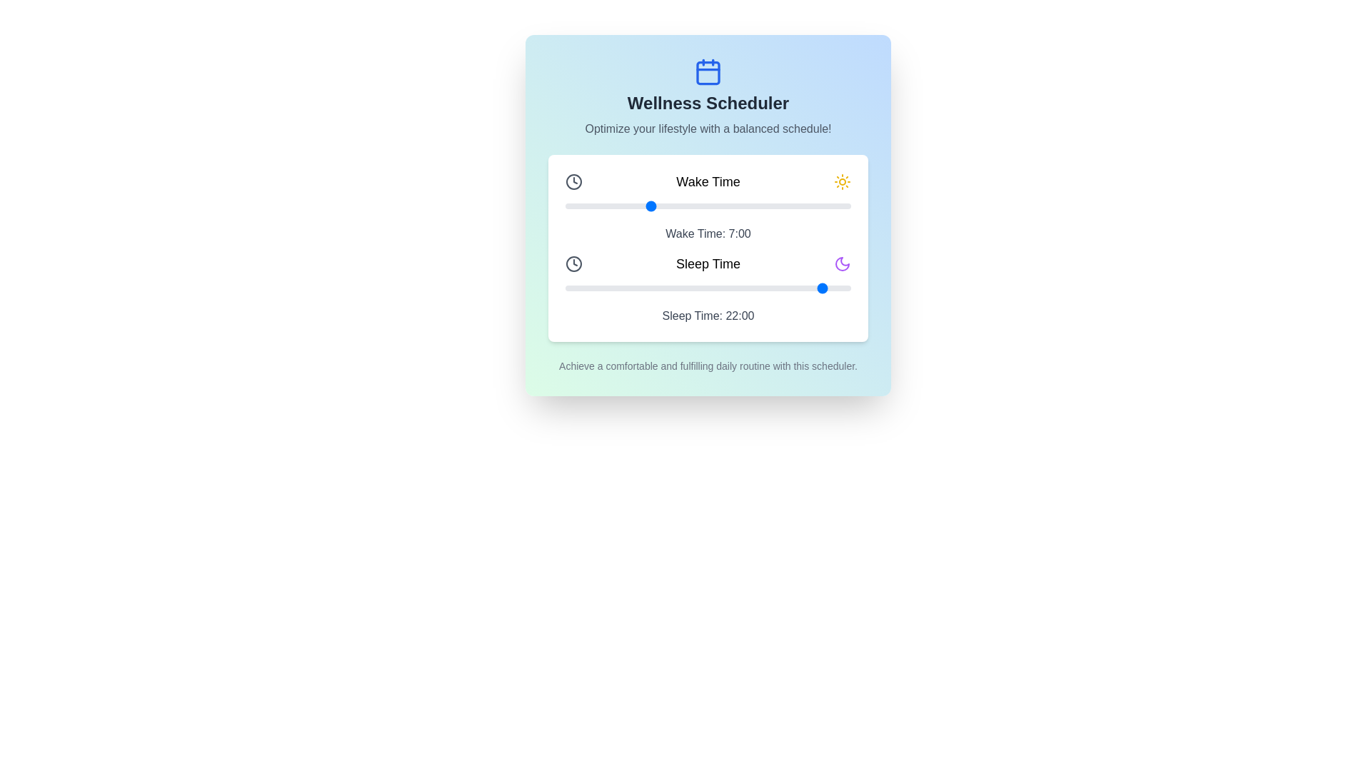 This screenshot has height=771, width=1371. What do you see at coordinates (708, 233) in the screenshot?
I see `the Static Text Label displaying 'Wake Time: 7:00', which is styled with gray coloring and is positioned below the horizontal slider for adjusting the 'Wake Time'` at bounding box center [708, 233].